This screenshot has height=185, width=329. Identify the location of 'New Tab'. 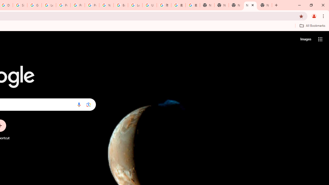
(265, 5).